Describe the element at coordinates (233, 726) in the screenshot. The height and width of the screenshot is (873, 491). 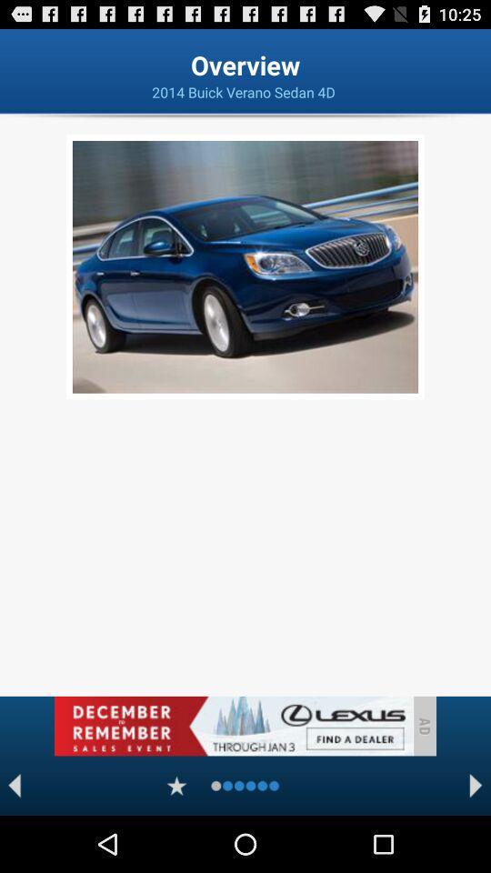
I see `advertisement` at that location.